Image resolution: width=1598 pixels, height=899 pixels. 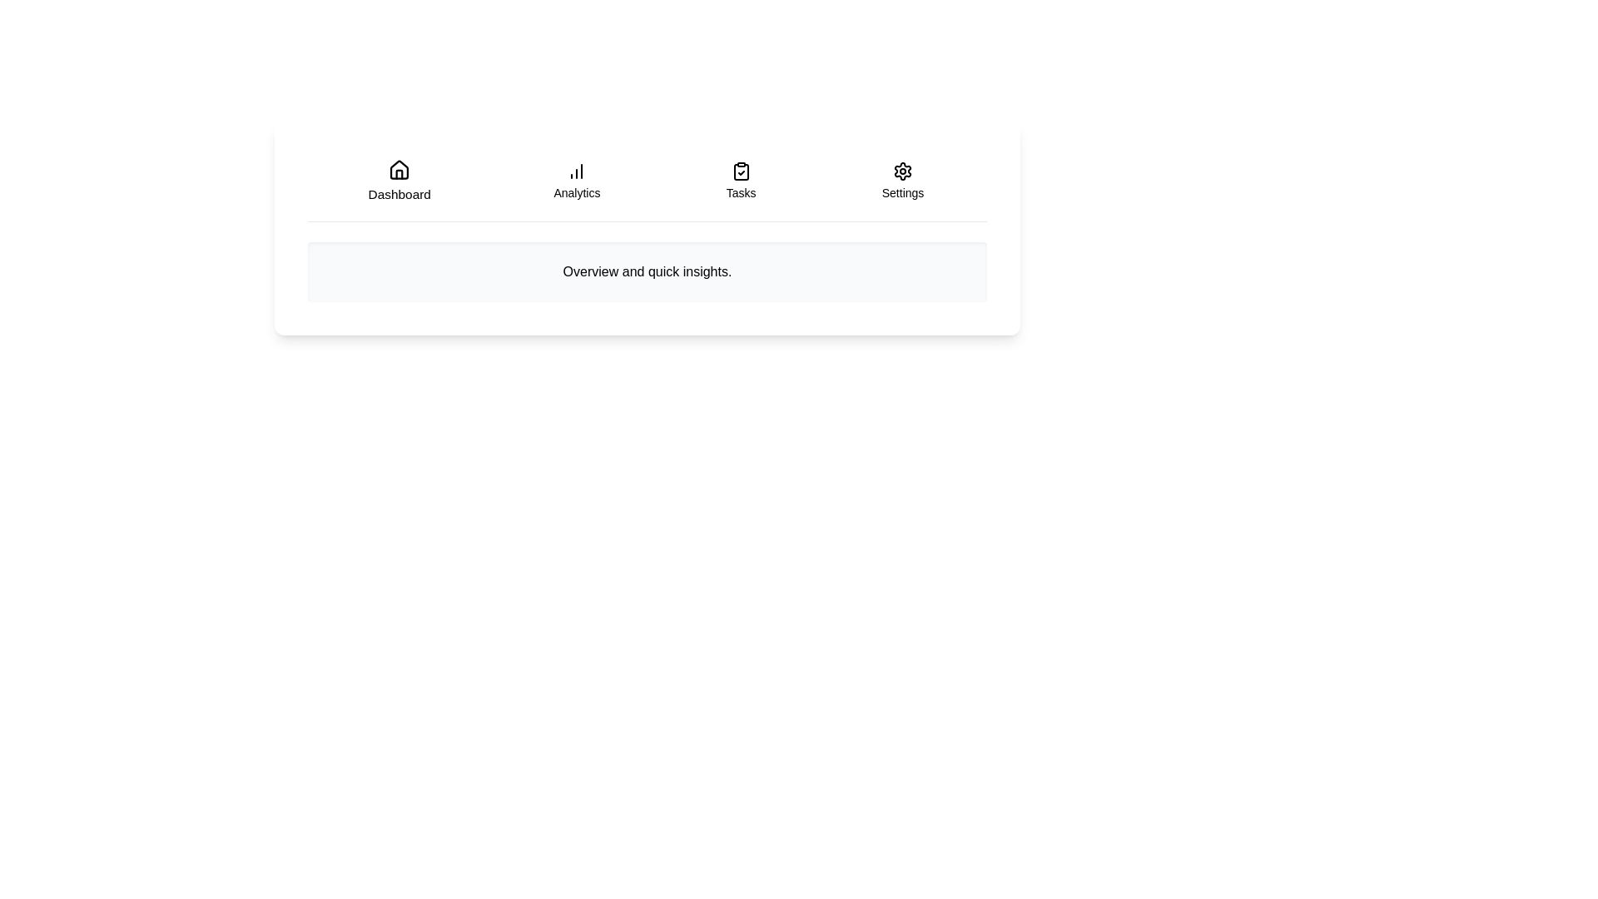 I want to click on the Home icon graphic located in the navigation bar above the 'Dashboard' label, so click(x=398, y=170).